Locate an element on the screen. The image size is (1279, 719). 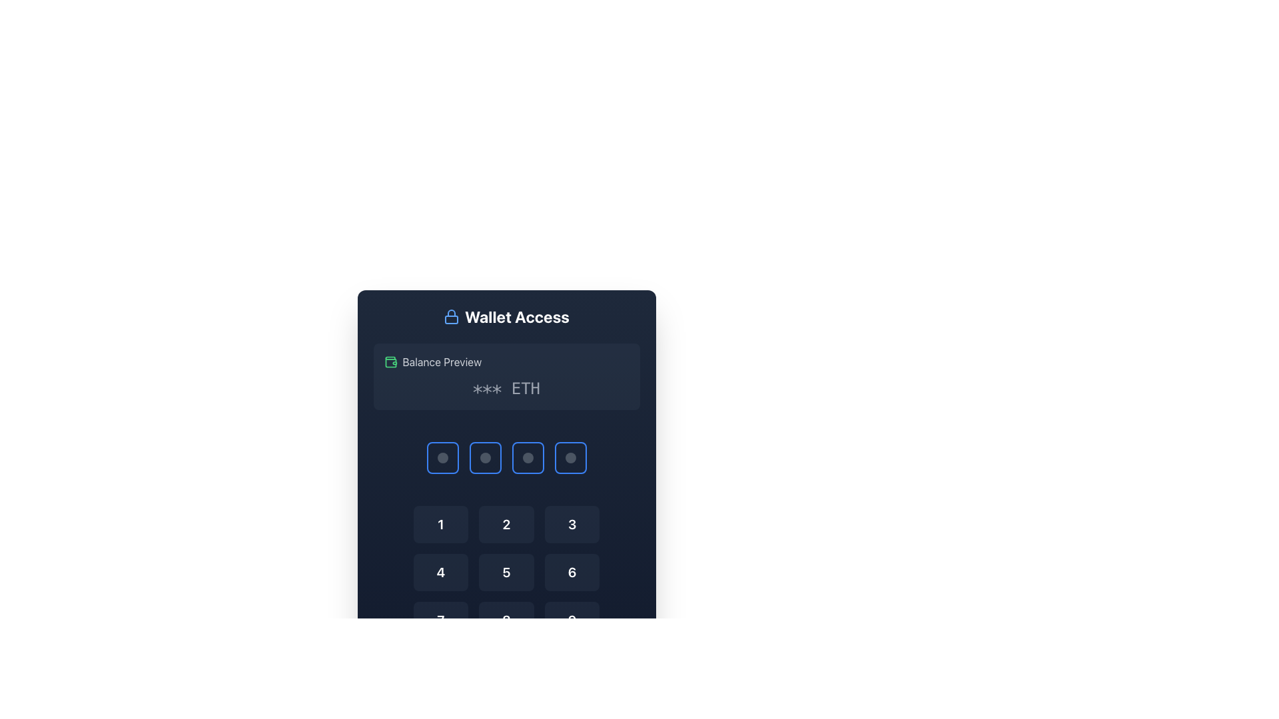
the Informative panel displaying the balance preview, which includes a wallet icon and the text 'Balance Preview' above the current balance formatted as '*** ETH' is located at coordinates (506, 377).